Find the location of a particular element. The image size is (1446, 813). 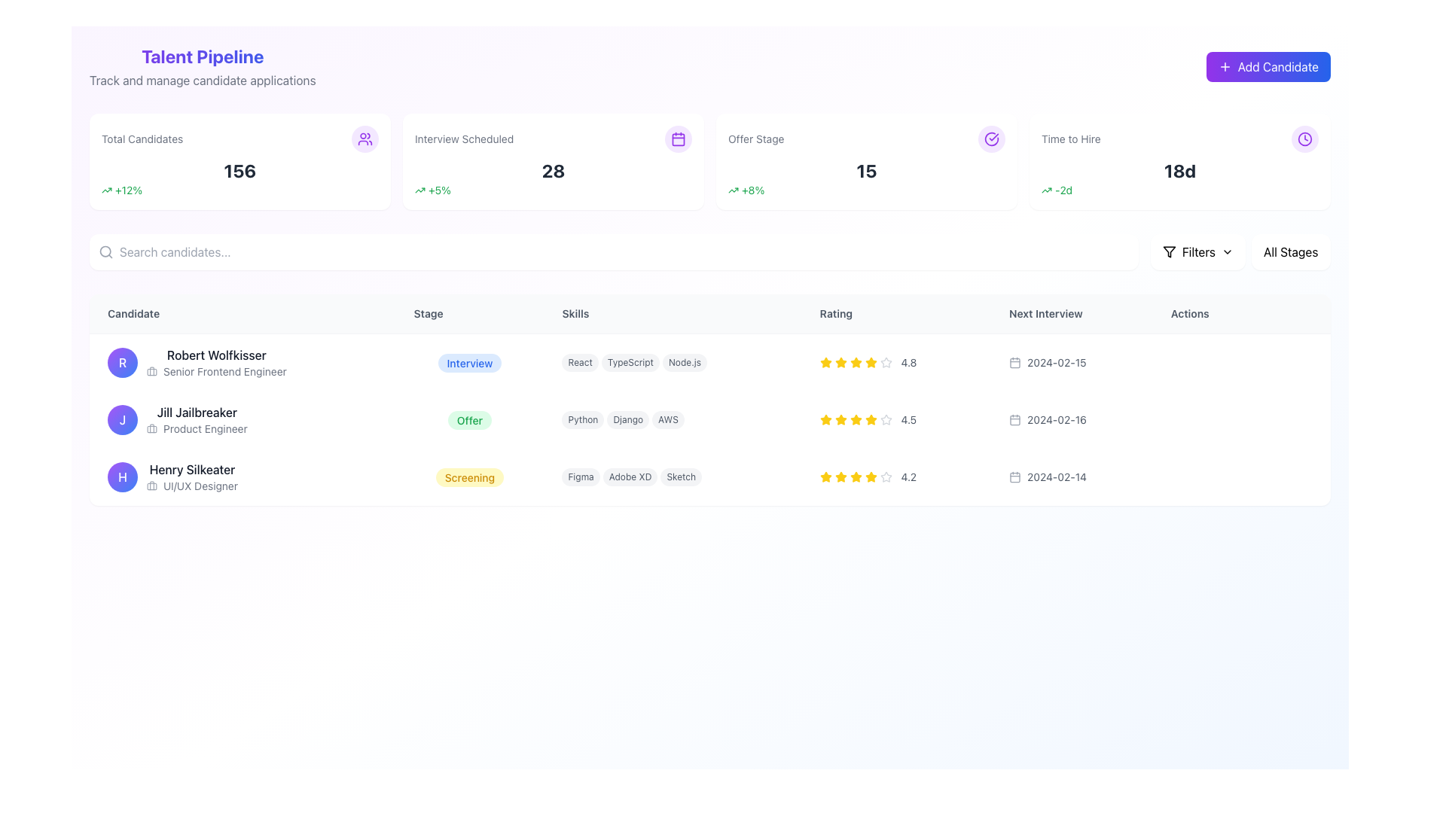

the status tag for the candidate Robert Wolfkisser in the 'Stage' column of the recruitment process table is located at coordinates (469, 363).